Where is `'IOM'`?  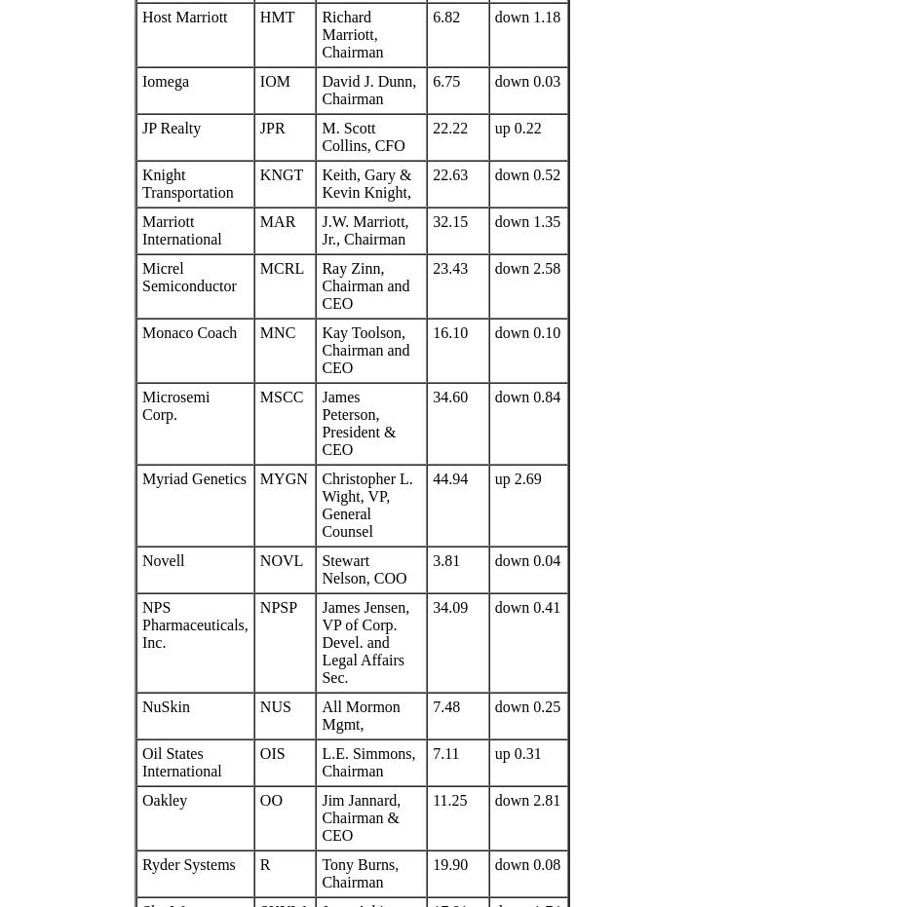
'IOM' is located at coordinates (274, 81).